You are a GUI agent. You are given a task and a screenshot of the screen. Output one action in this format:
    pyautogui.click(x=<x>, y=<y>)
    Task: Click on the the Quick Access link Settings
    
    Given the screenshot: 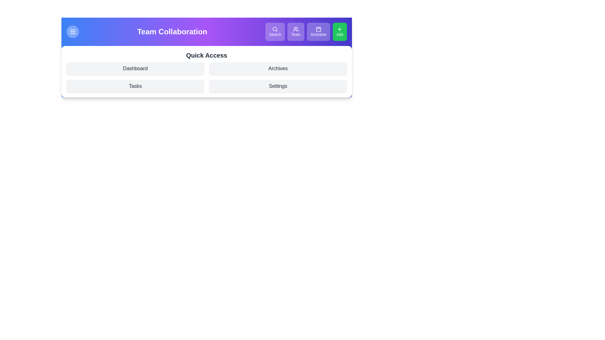 What is the action you would take?
    pyautogui.click(x=278, y=86)
    